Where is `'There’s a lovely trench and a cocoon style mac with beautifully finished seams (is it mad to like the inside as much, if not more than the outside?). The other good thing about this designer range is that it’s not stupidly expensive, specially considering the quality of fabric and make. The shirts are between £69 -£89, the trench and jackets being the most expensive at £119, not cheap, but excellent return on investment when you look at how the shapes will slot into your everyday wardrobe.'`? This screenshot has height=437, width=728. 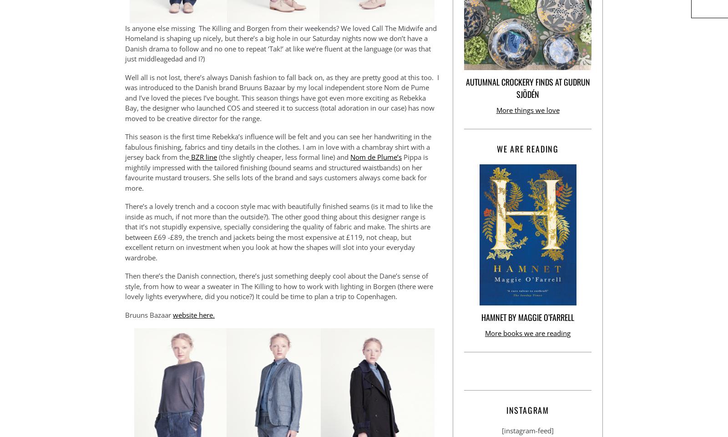 'There’s a lovely trench and a cocoon style mac with beautifully finished seams (is it mad to like the inside as much, if not more than the outside?). The other good thing about this designer range is that it’s not stupidly expensive, specially considering the quality of fabric and make. The shirts are between £69 -£89, the trench and jackets being the most expensive at £119, not cheap, but excellent return on investment when you look at how the shapes will slot into your everyday wardrobe.' is located at coordinates (125, 231).